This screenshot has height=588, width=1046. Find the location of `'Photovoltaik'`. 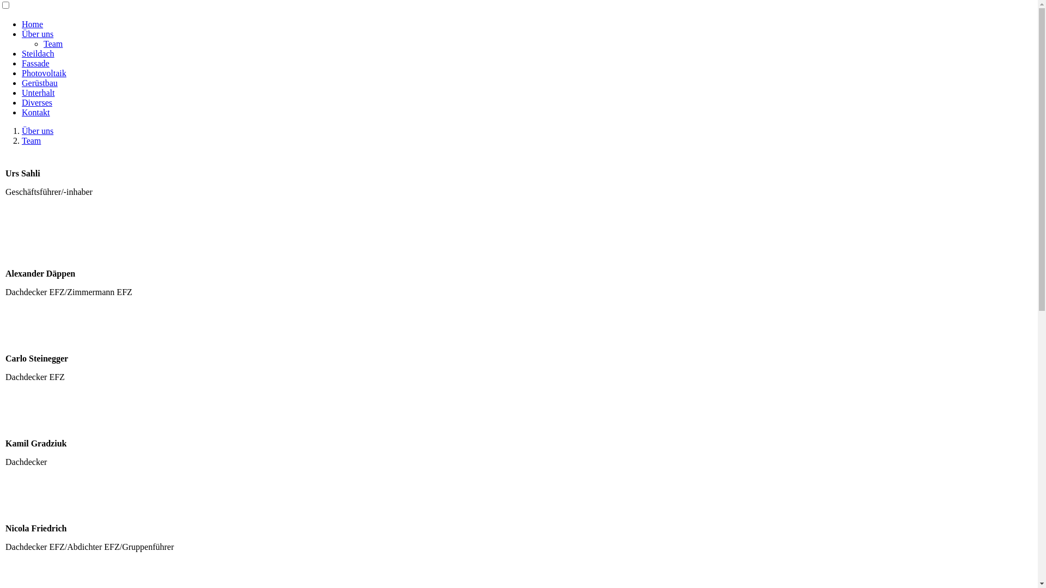

'Photovoltaik' is located at coordinates (44, 73).